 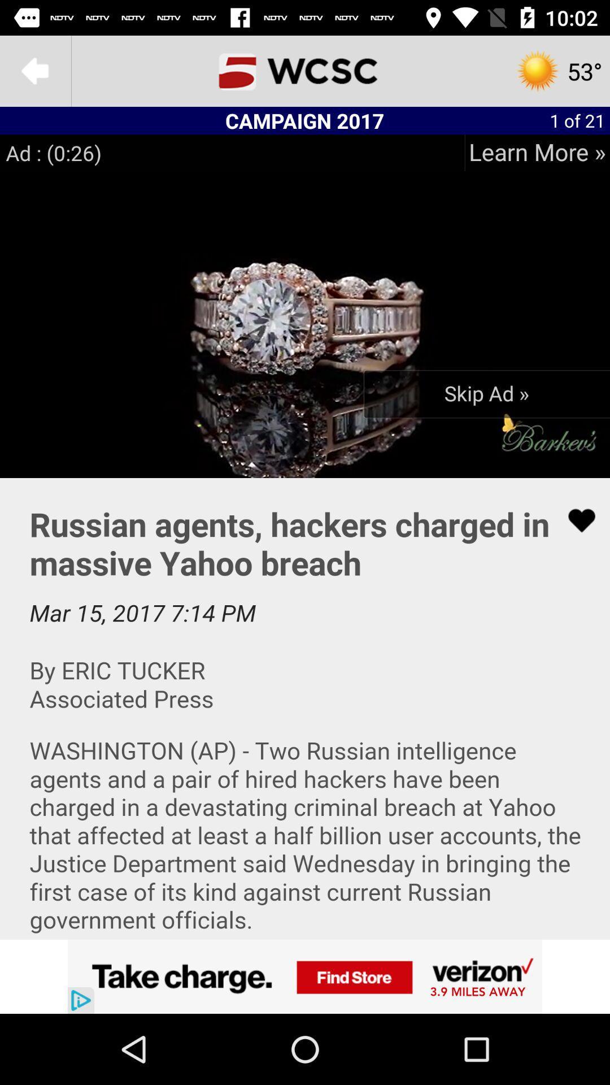 What do you see at coordinates (558, 70) in the screenshot?
I see `the settings icon` at bounding box center [558, 70].